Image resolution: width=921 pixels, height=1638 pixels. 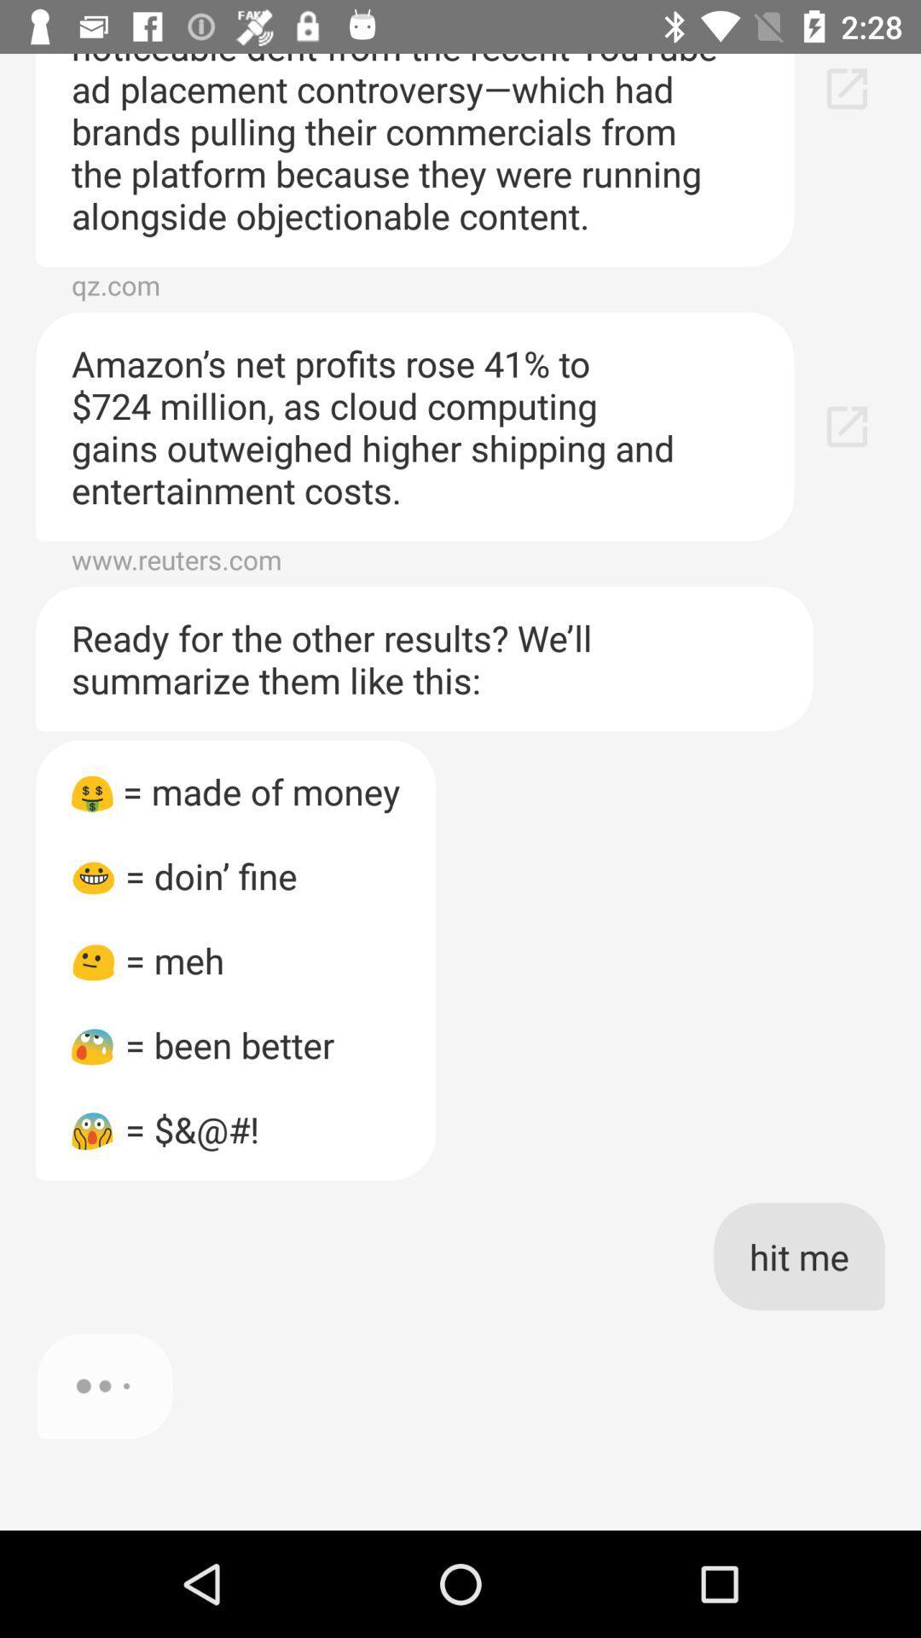 What do you see at coordinates (414, 427) in the screenshot?
I see `amazon s net item` at bounding box center [414, 427].